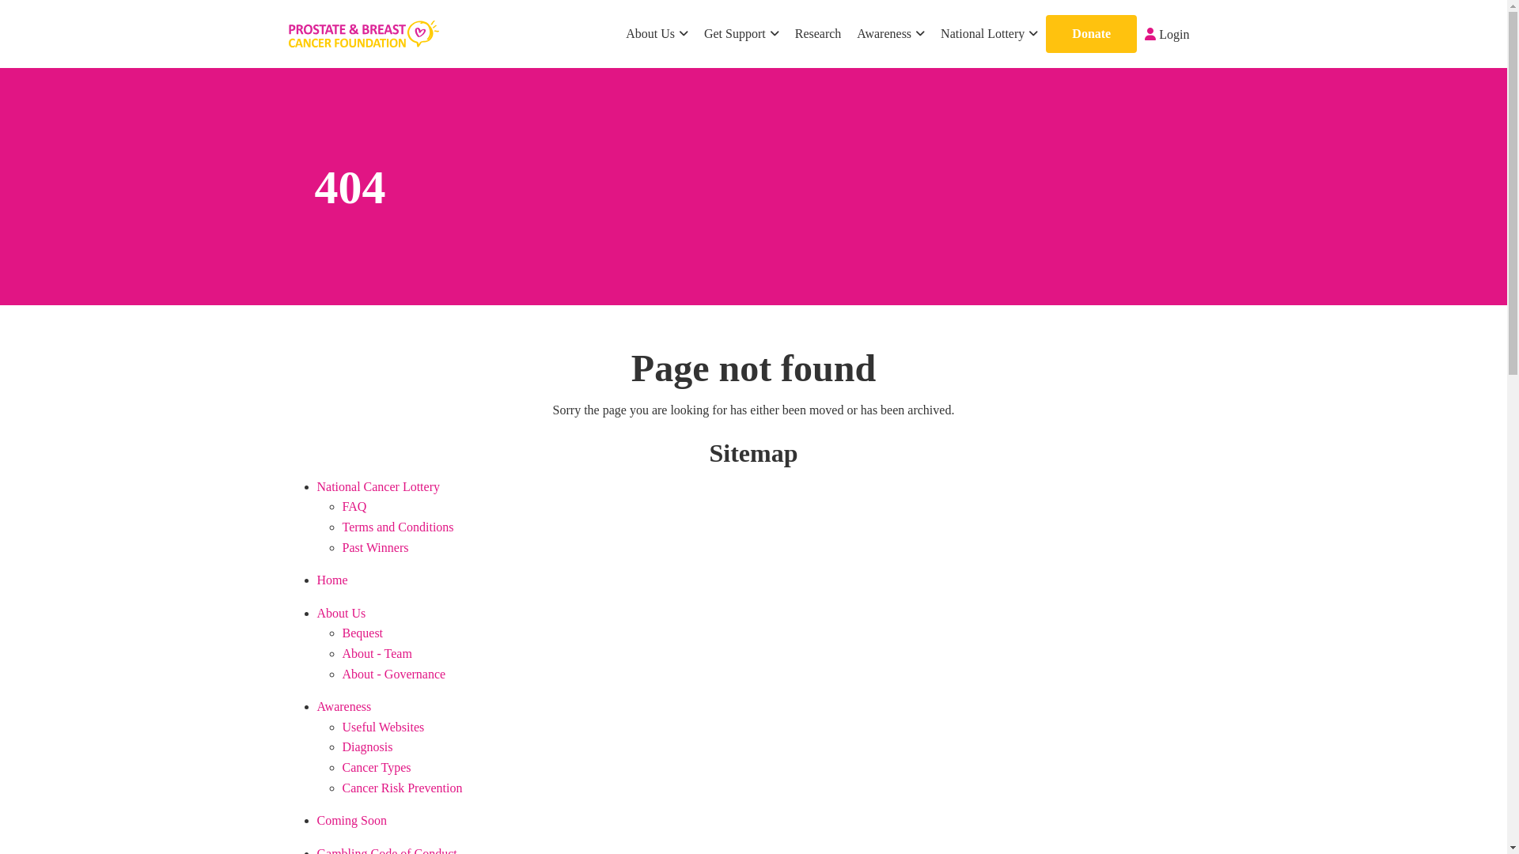  What do you see at coordinates (343, 705) in the screenshot?
I see `'Awareness'` at bounding box center [343, 705].